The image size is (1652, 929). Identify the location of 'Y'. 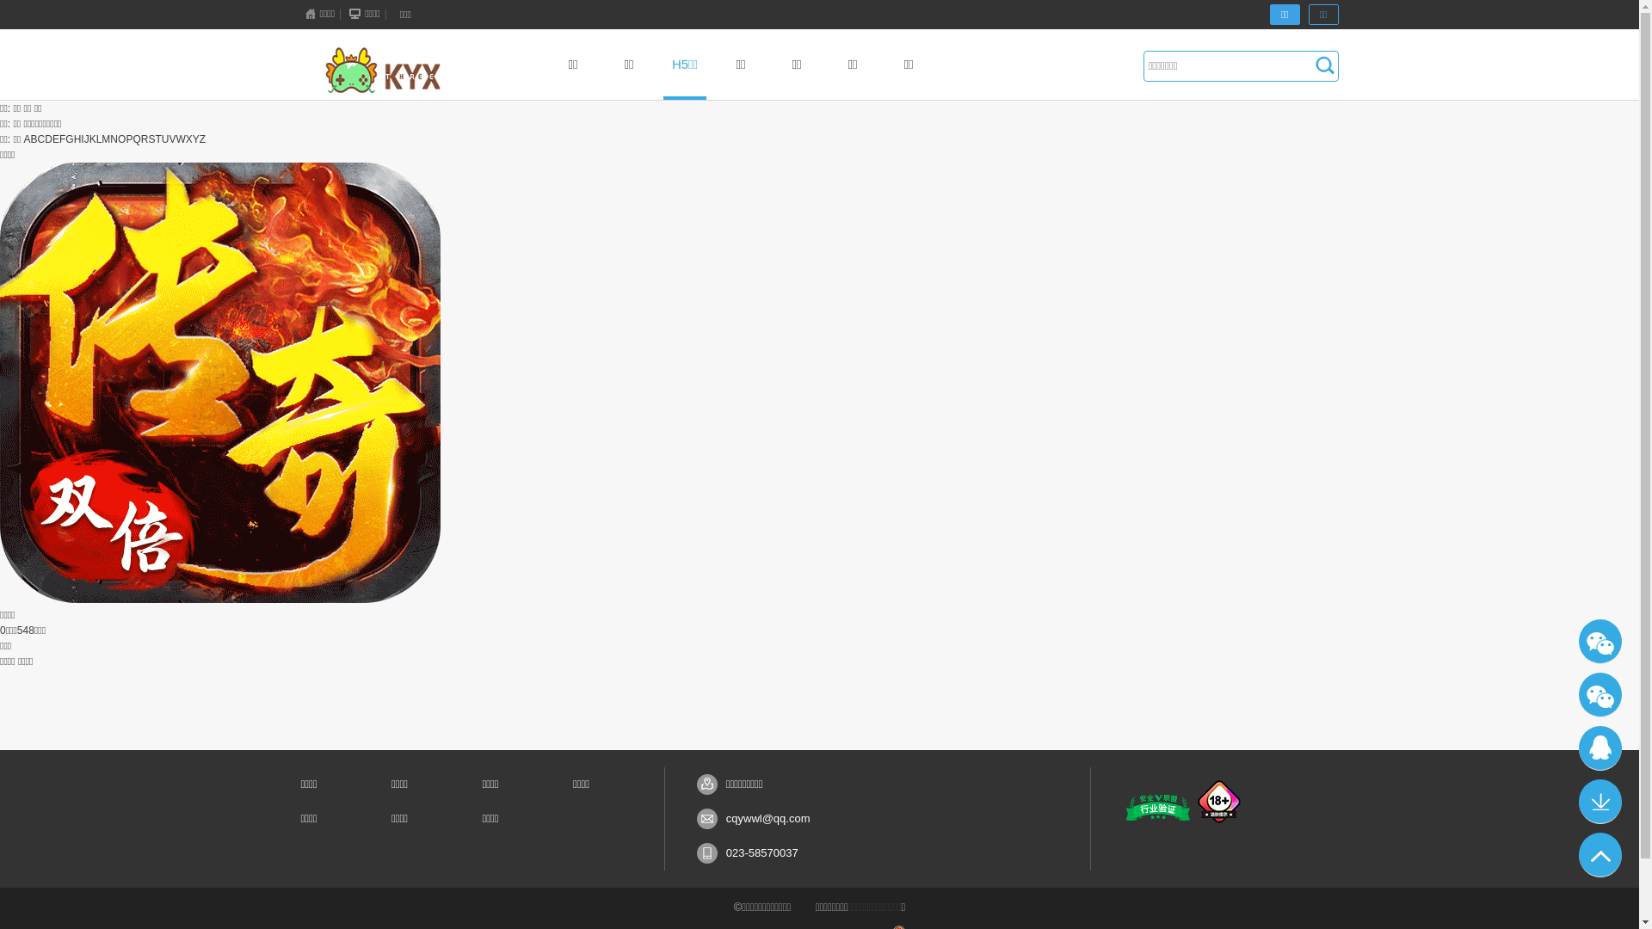
(195, 138).